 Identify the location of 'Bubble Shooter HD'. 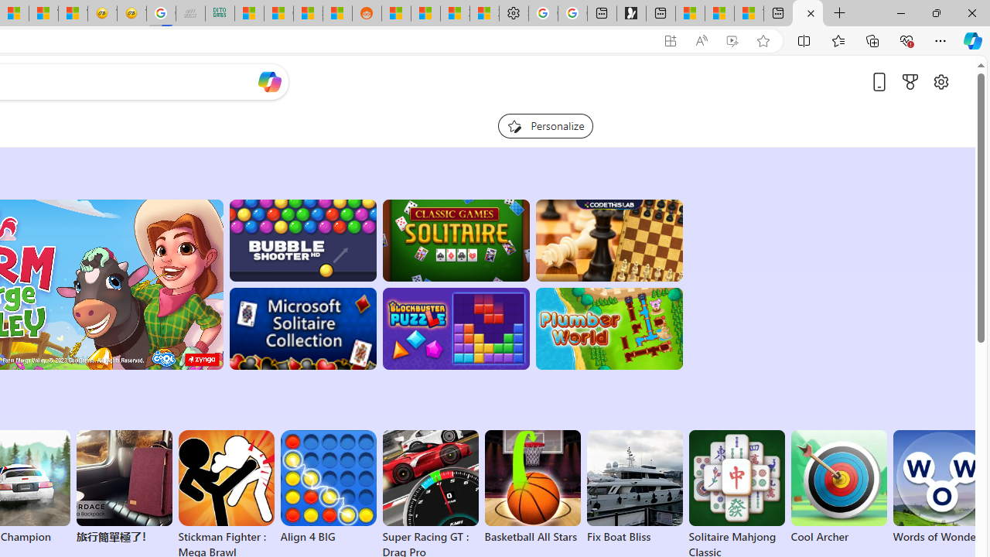
(302, 241).